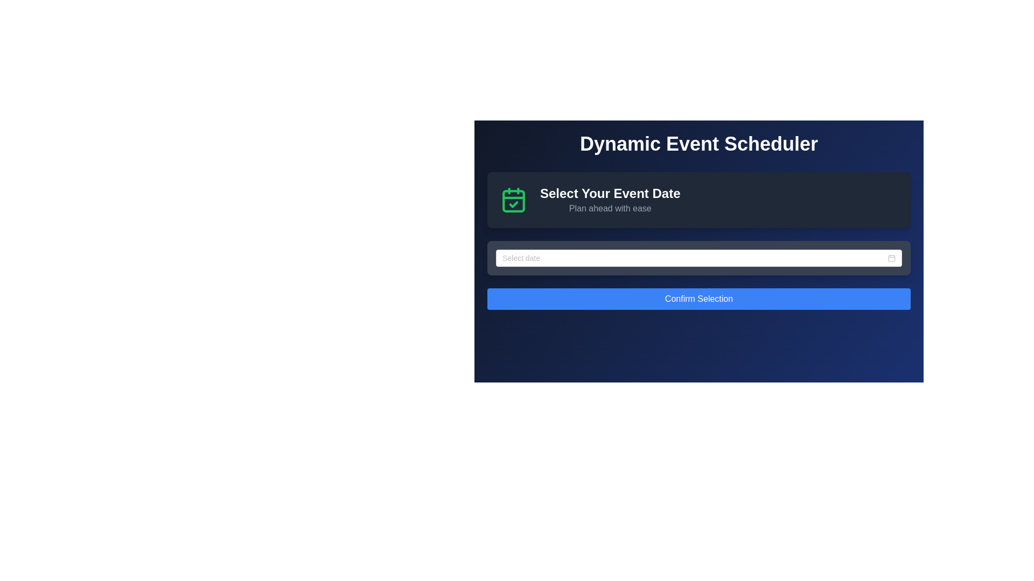 The width and height of the screenshot is (1034, 581). Describe the element at coordinates (610, 193) in the screenshot. I see `the static text header that reads 'Select Your Event Date', which is bold, larger font, and white on a dark blue background` at that location.